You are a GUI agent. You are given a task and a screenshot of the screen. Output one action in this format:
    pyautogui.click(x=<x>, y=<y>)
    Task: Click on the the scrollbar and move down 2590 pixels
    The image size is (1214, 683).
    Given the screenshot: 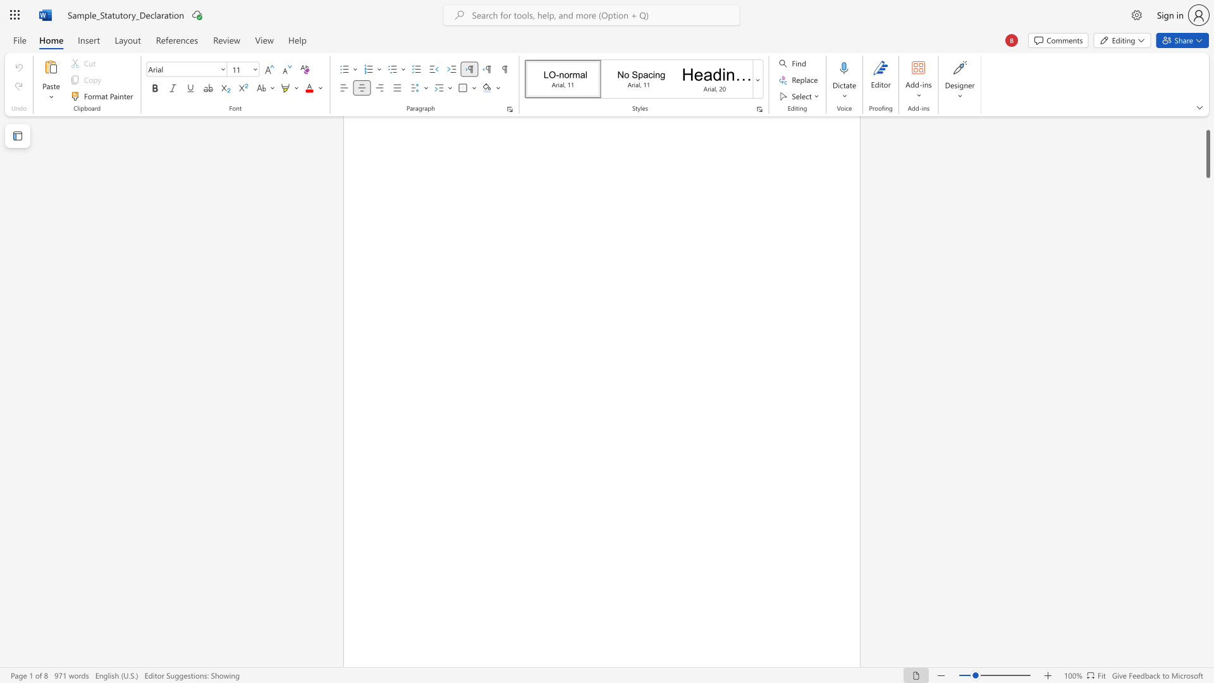 What is the action you would take?
    pyautogui.click(x=1207, y=153)
    